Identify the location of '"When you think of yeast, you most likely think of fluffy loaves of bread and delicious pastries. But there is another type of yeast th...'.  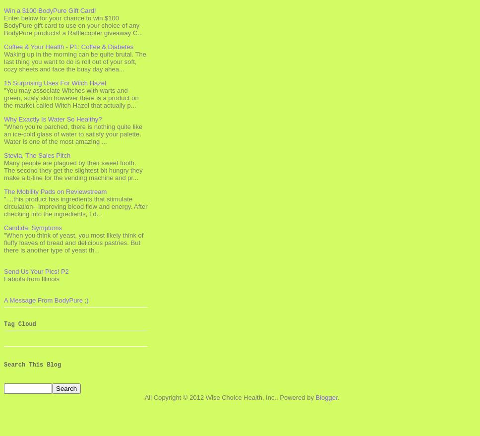
(73, 242).